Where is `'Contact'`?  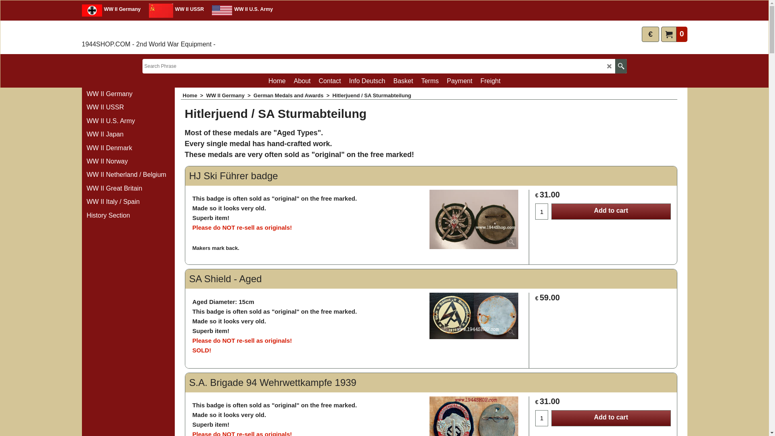
'Contact' is located at coordinates (330, 81).